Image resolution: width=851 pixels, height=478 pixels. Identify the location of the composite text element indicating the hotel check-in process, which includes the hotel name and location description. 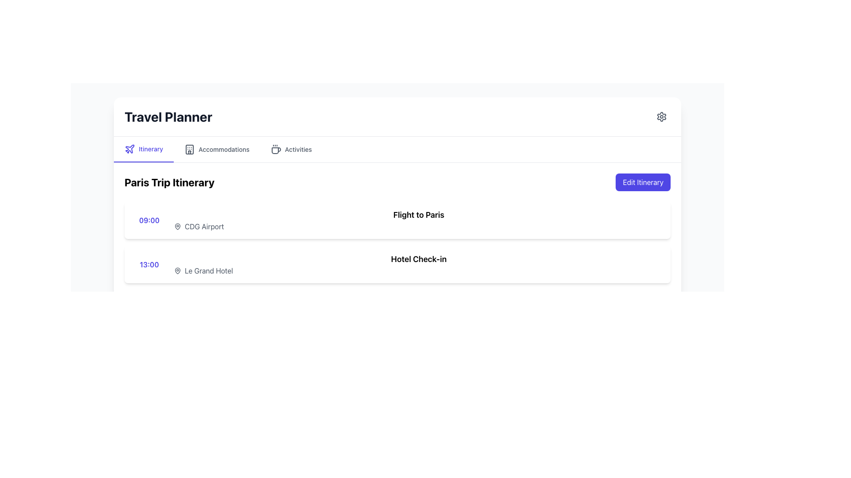
(418, 264).